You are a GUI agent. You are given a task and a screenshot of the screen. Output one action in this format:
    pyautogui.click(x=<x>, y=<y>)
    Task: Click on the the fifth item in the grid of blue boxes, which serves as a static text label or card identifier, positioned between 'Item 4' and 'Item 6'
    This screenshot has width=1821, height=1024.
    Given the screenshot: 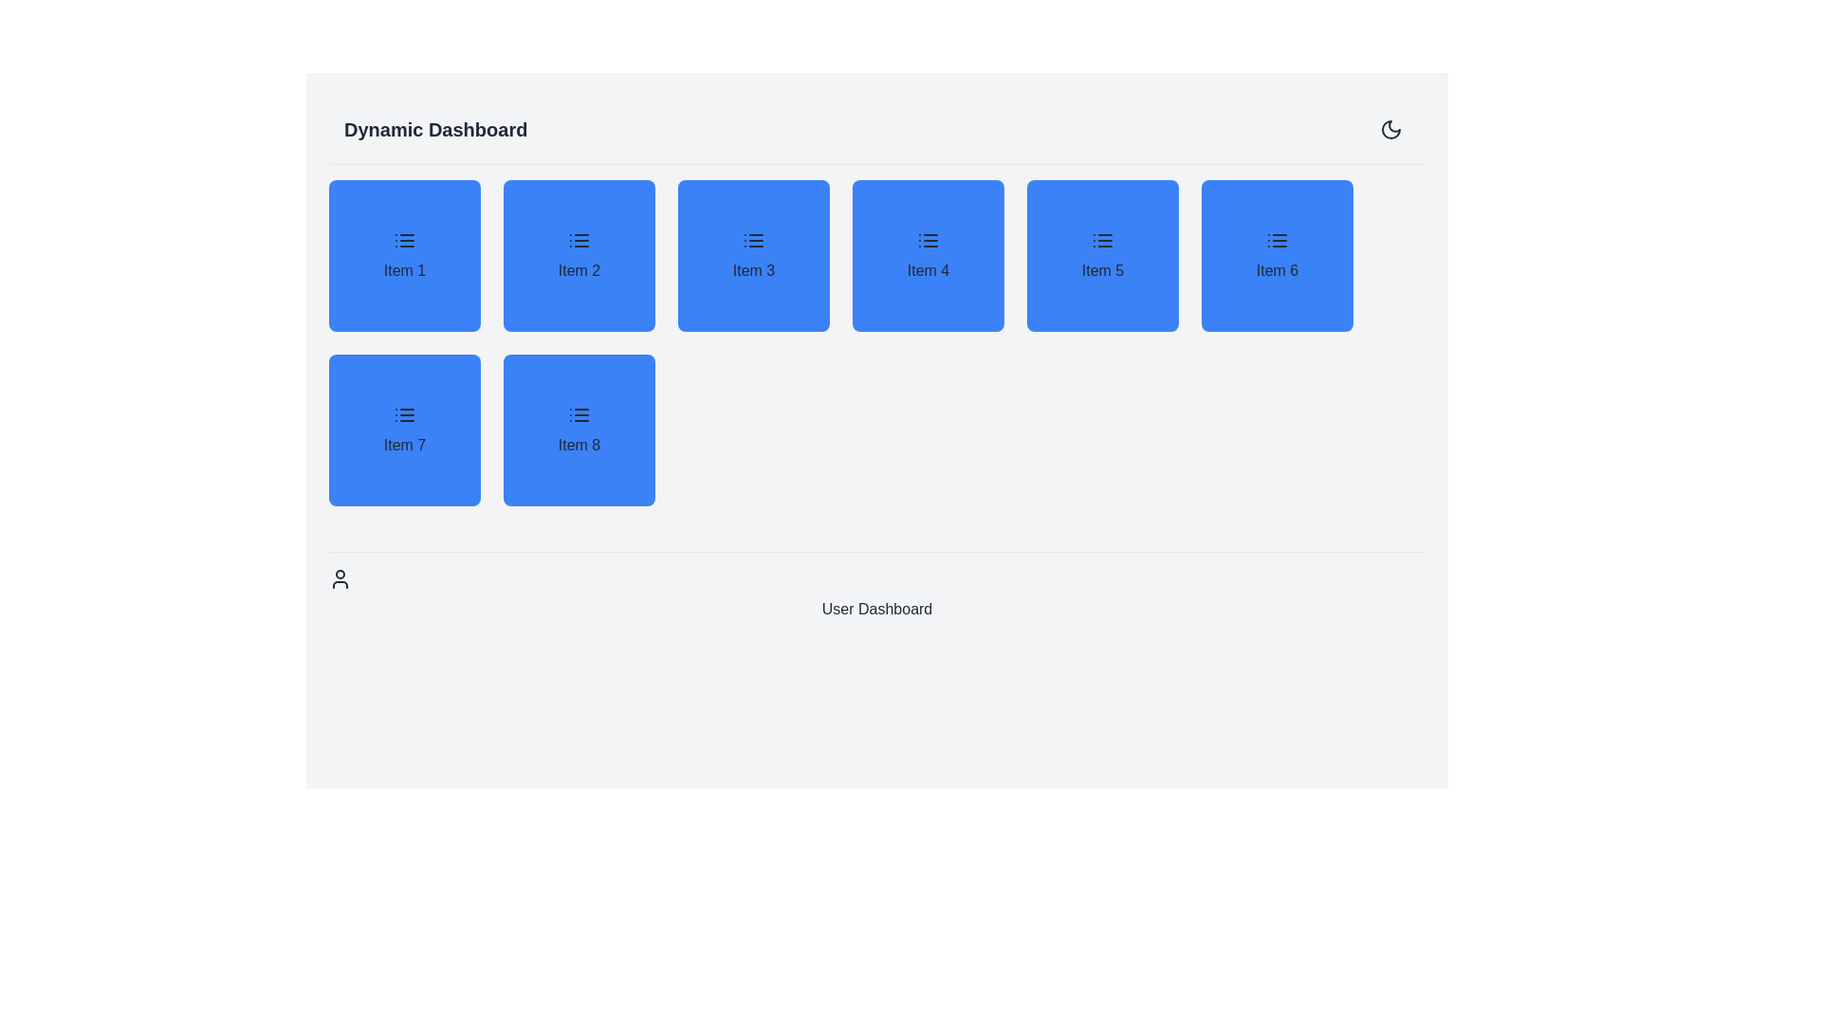 What is the action you would take?
    pyautogui.click(x=1102, y=270)
    